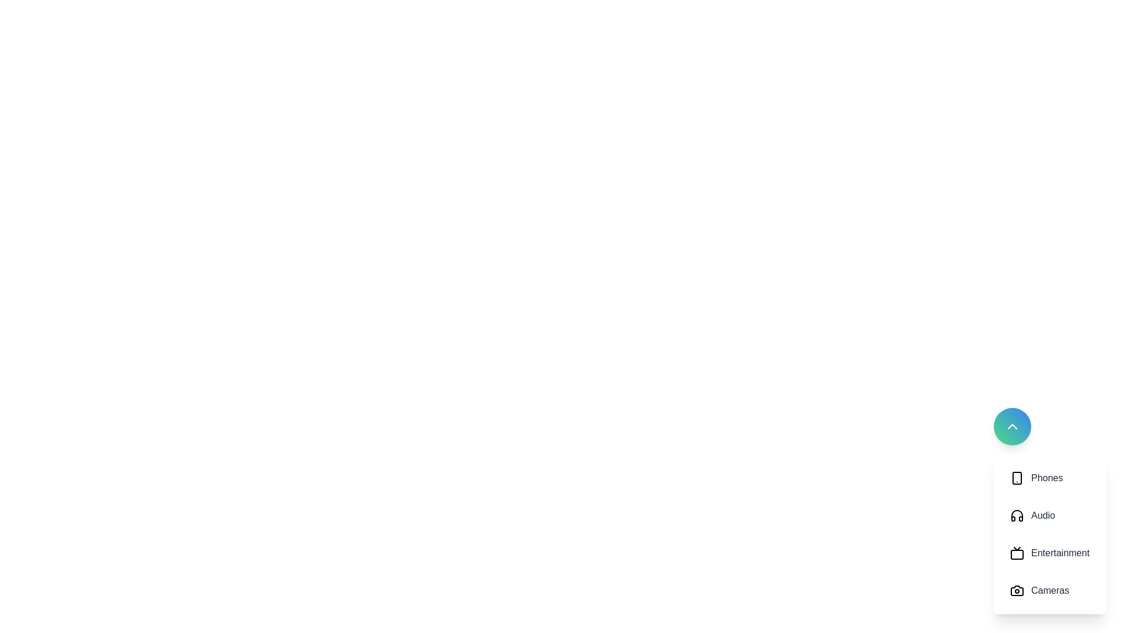 This screenshot has height=633, width=1125. Describe the element at coordinates (1049, 478) in the screenshot. I see `the button corresponding to the category Phones` at that location.